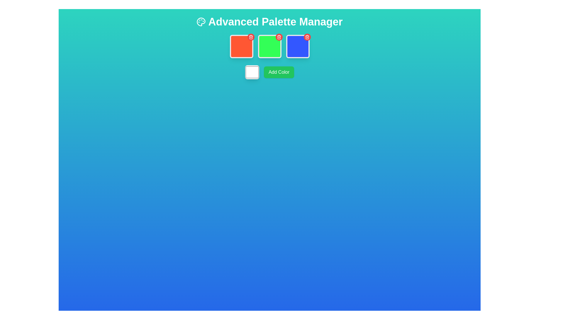  I want to click on the delete button located at the top-right corner of the bright blue interactive color tile, so click(298, 46).